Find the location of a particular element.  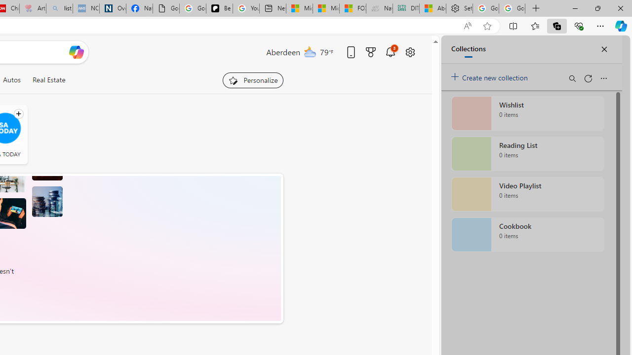

'Google Analytics Opt-out Browser Add-on Download Page' is located at coordinates (166, 8).